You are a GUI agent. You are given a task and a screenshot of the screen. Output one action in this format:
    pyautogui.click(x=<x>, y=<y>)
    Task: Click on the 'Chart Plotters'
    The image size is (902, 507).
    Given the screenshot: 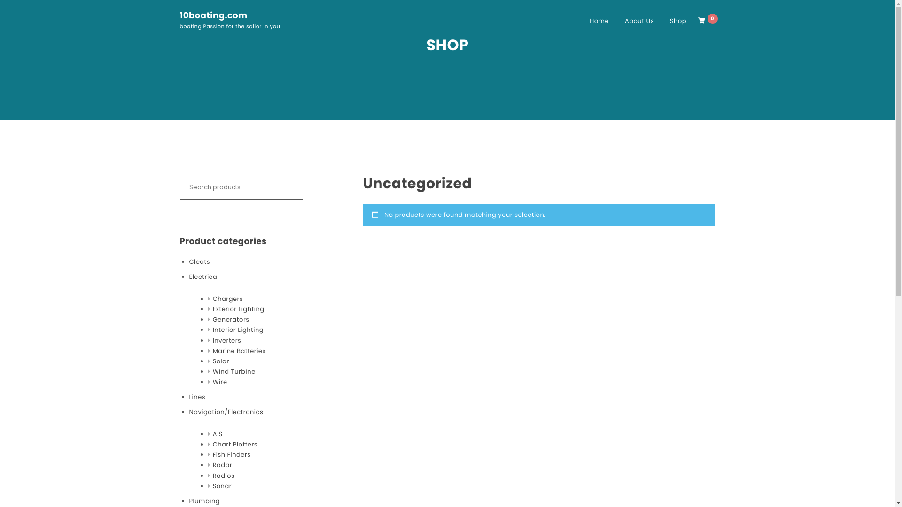 What is the action you would take?
    pyautogui.click(x=235, y=444)
    